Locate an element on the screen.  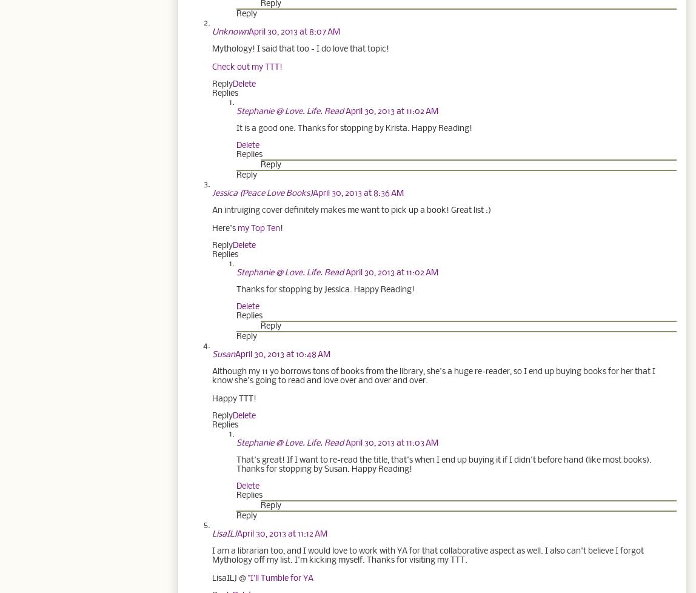
'I am a librarian too, and I would love to work with YA for that collaborative aspect as well.  I also can't believe I forgot Mythology off my list.  I'm kicking myself.  Thanks for visiting my TTT.' is located at coordinates (212, 554).